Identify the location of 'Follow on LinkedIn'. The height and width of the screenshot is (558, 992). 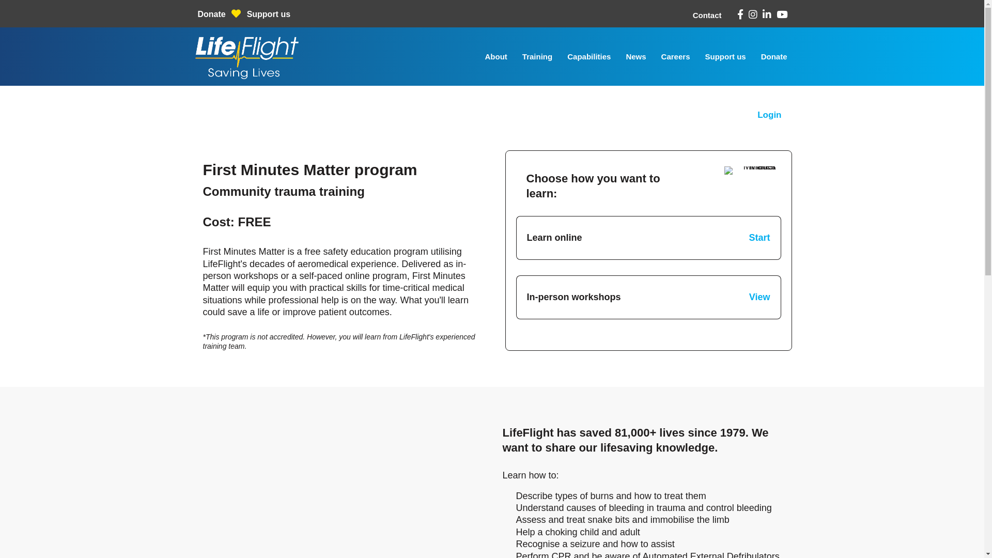
(767, 14).